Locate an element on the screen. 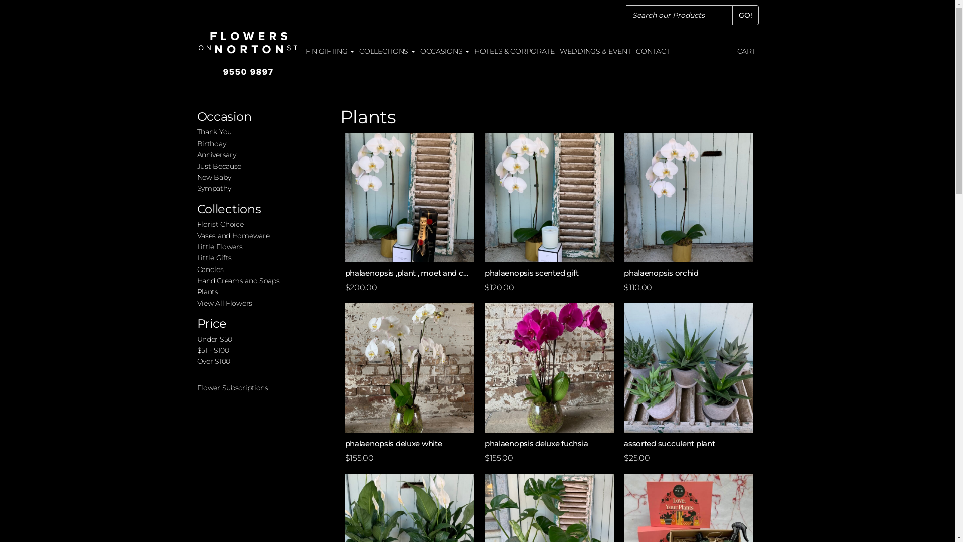 The height and width of the screenshot is (542, 963). 'Sympathy' is located at coordinates (213, 188).